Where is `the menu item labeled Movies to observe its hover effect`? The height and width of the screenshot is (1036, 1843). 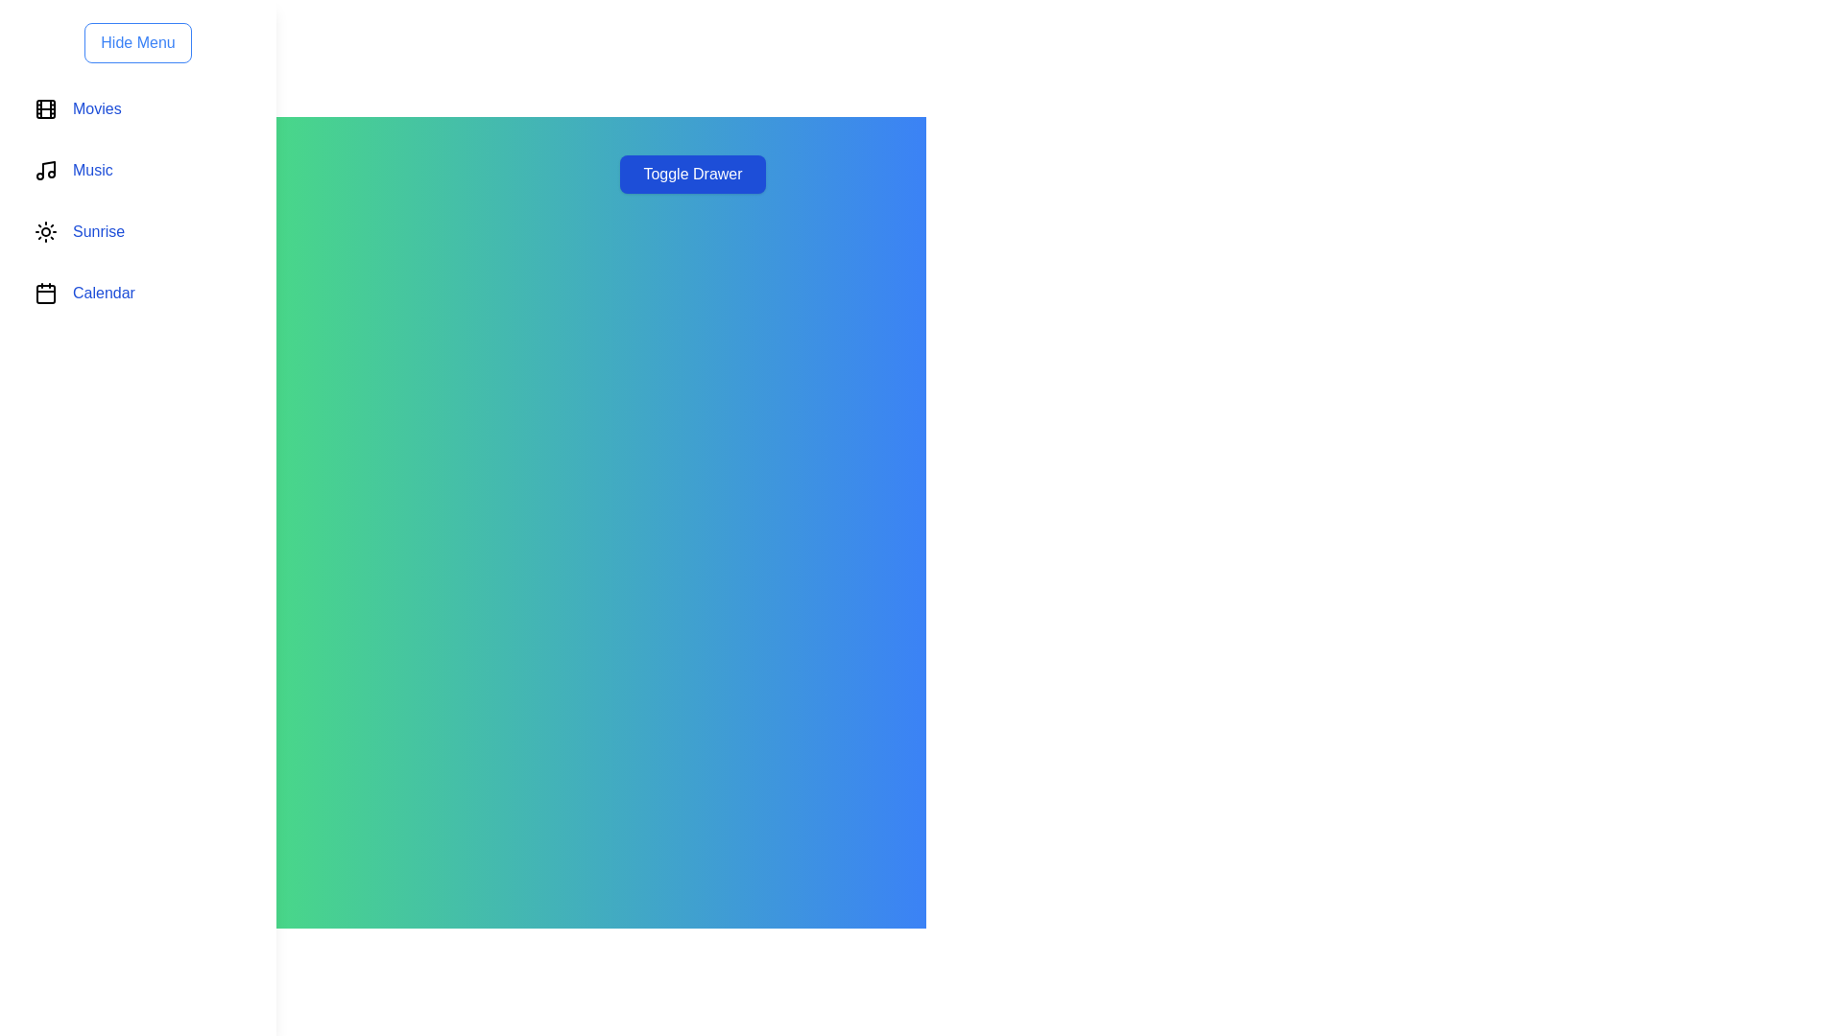
the menu item labeled Movies to observe its hover effect is located at coordinates (137, 109).